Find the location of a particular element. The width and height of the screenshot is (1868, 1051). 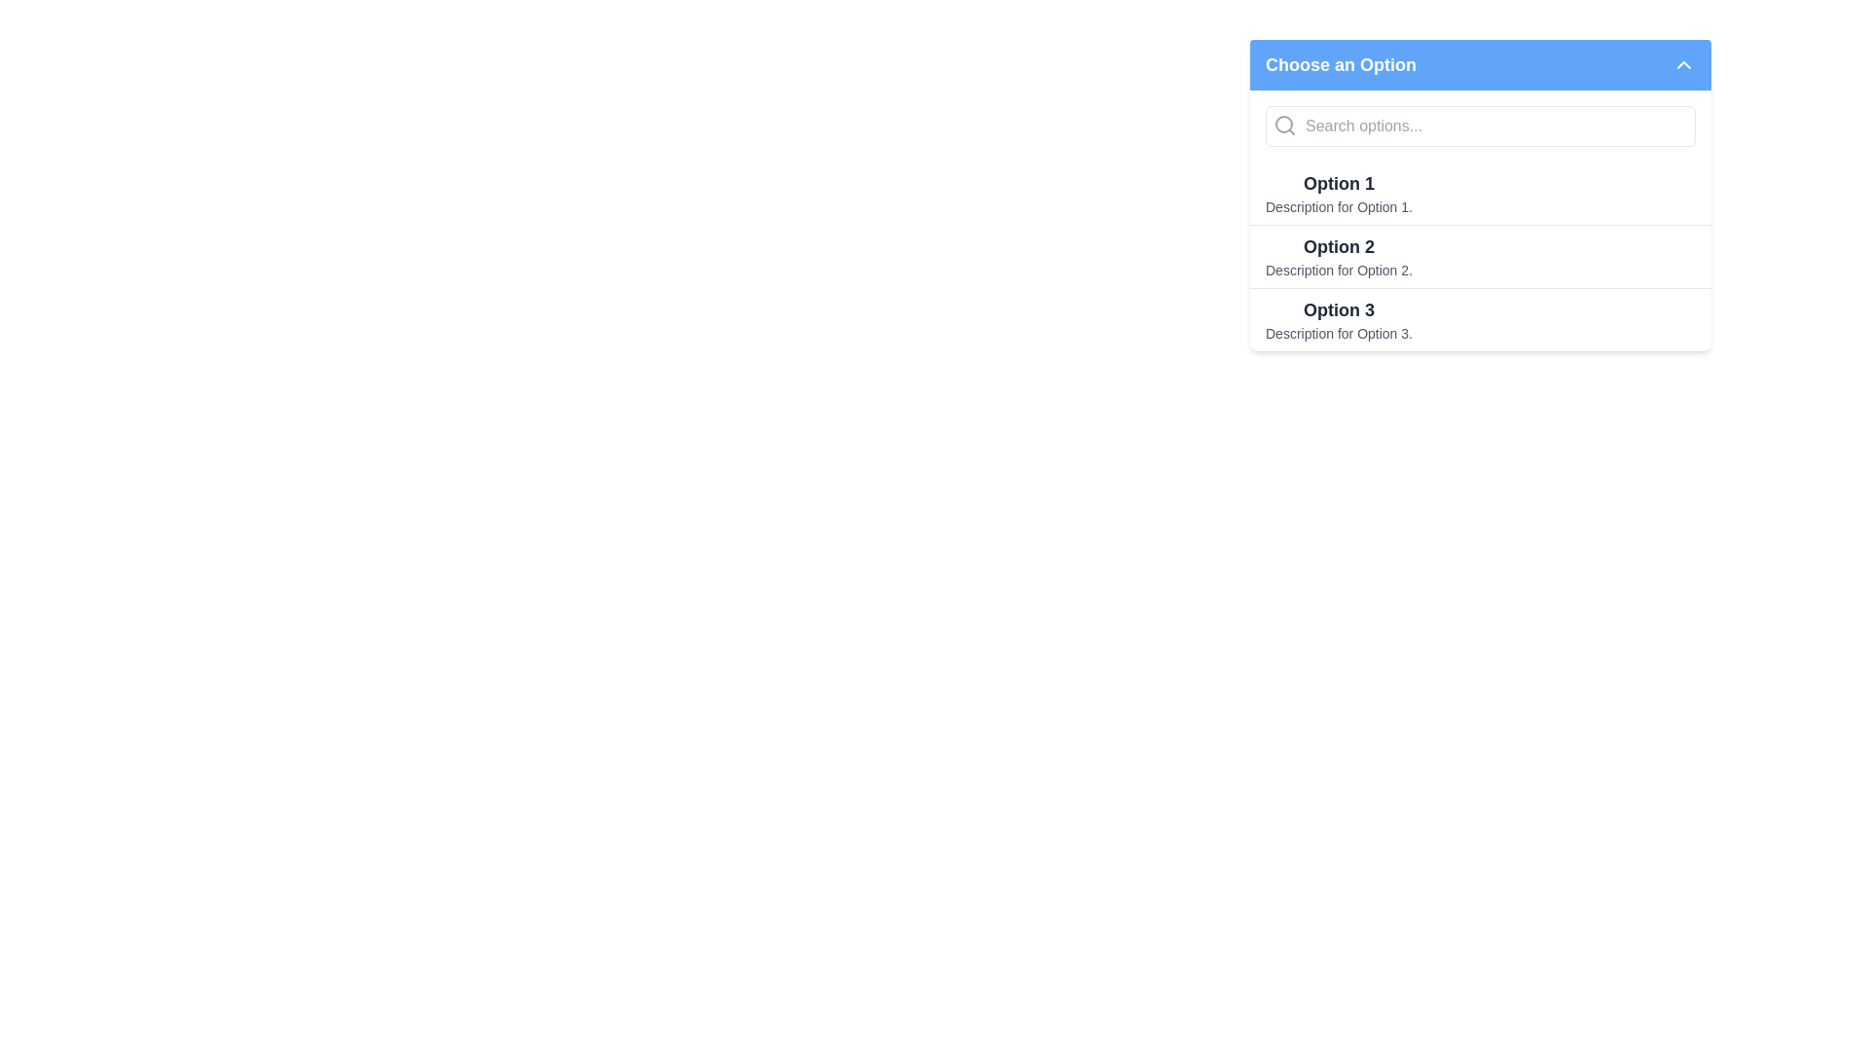

the third option in the dropdown menu labeled 'Choose an Option' is located at coordinates (1479, 317).